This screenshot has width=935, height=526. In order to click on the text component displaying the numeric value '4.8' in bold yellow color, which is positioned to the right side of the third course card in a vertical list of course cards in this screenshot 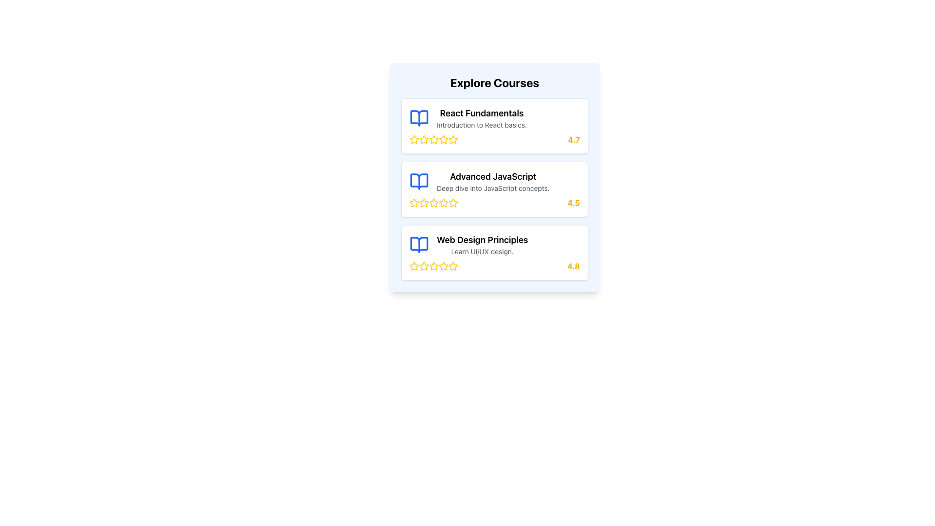, I will do `click(574, 266)`.